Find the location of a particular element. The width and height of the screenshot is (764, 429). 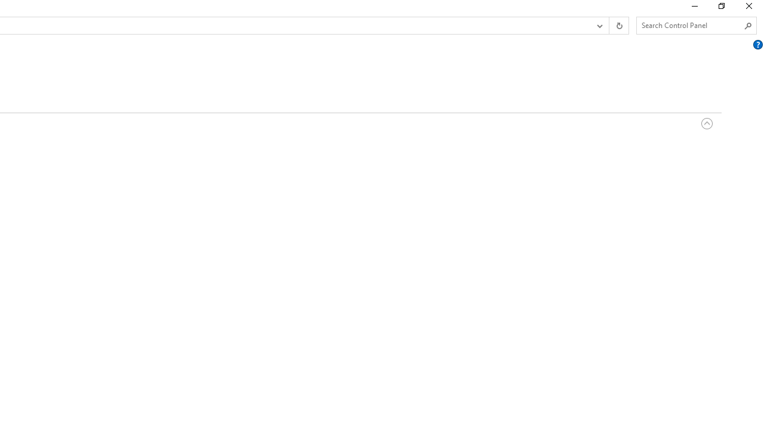

'Restore' is located at coordinates (720, 9).